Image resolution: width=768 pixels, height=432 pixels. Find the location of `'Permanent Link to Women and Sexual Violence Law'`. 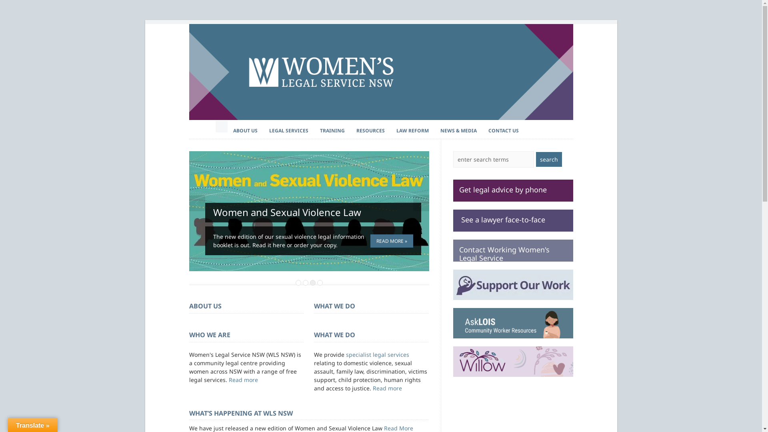

'Permanent Link to Women and Sexual Violence Law' is located at coordinates (308, 211).